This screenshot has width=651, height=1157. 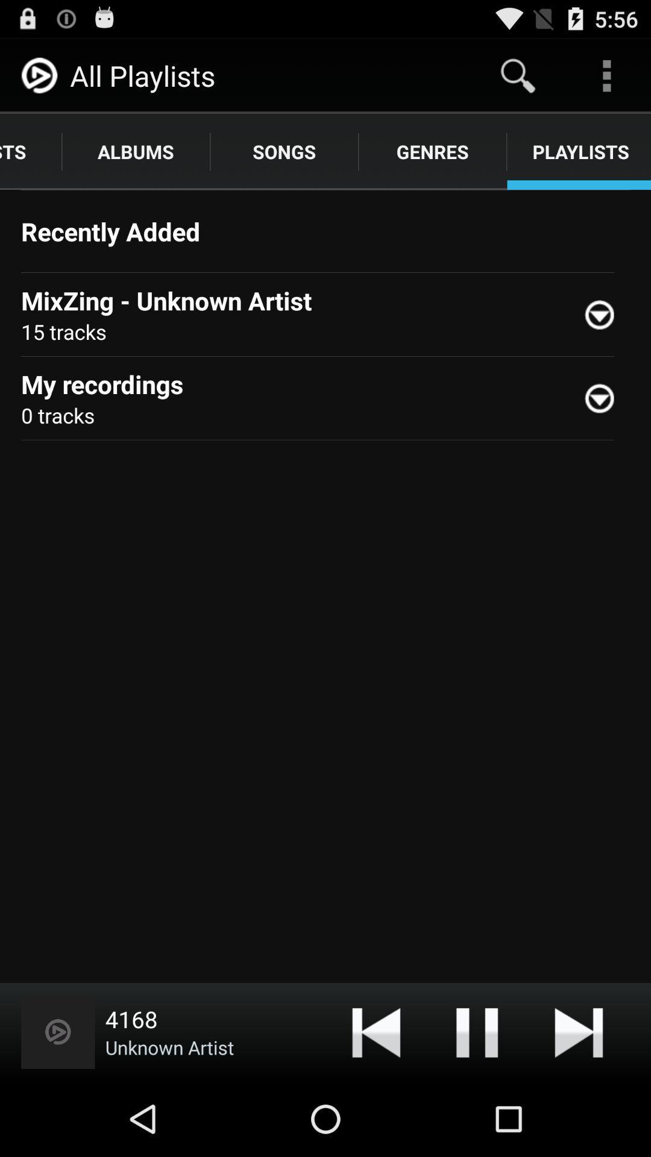 What do you see at coordinates (605, 426) in the screenshot?
I see `the expand_more icon` at bounding box center [605, 426].